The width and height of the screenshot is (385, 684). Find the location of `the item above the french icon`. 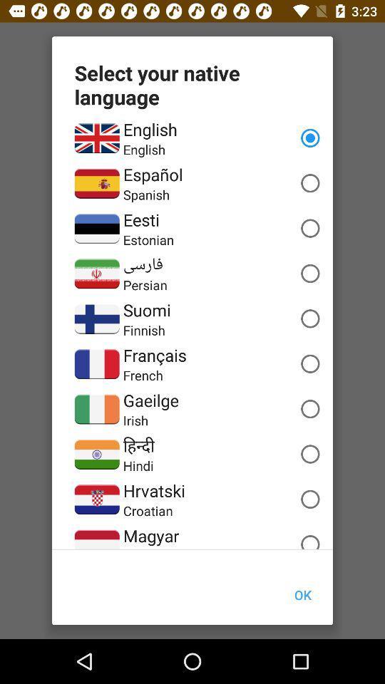

the item above the french icon is located at coordinates (154, 354).